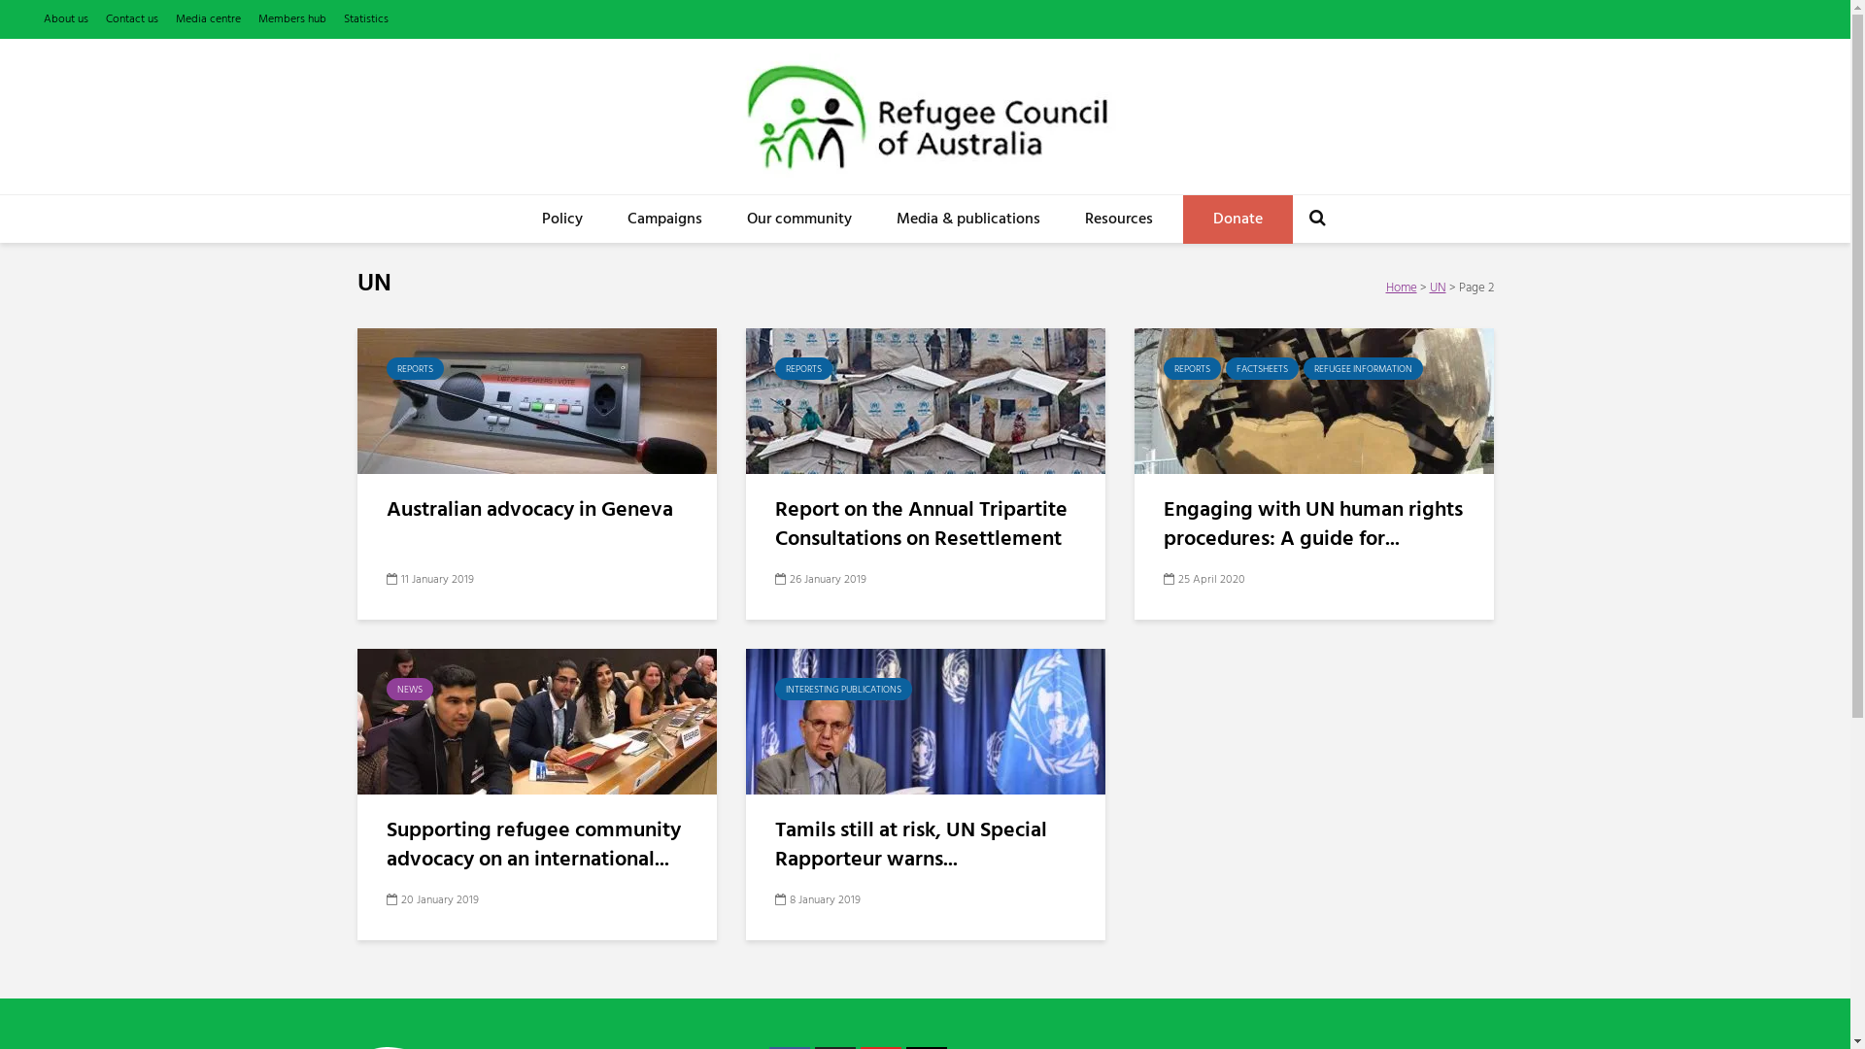 The image size is (1865, 1049). I want to click on 'Media centre', so click(208, 18).